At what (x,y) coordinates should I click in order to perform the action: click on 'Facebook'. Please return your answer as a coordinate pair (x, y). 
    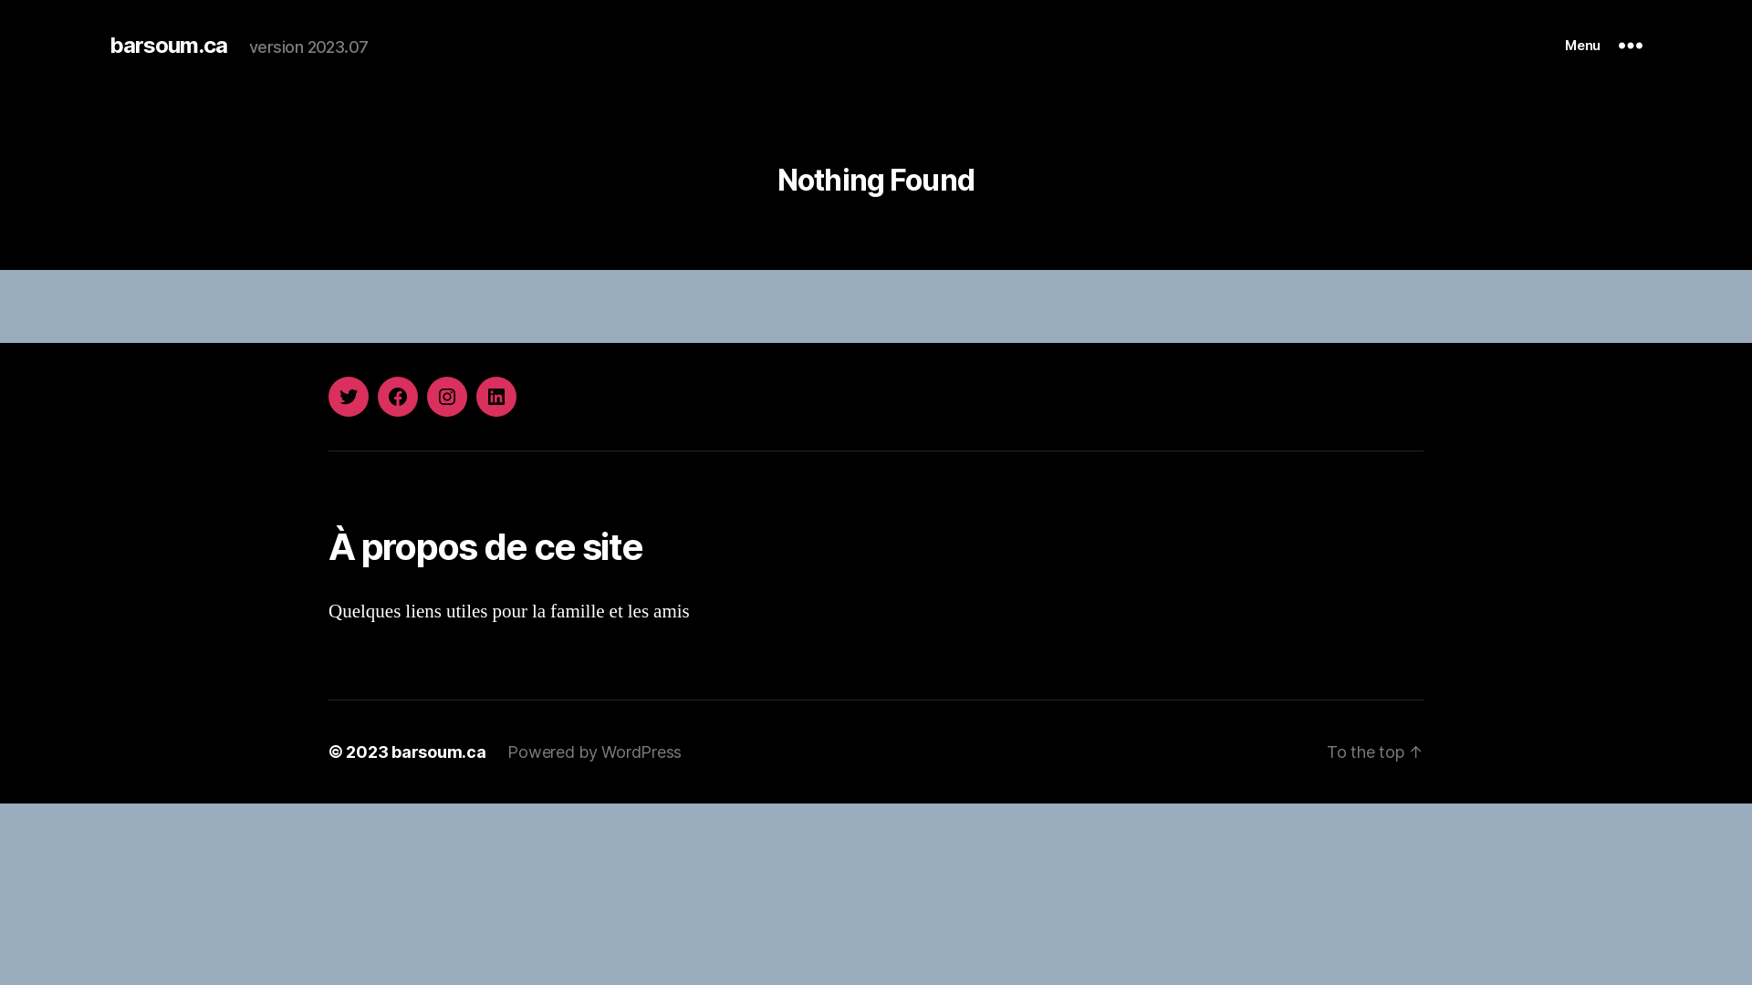
    Looking at the image, I should click on (376, 396).